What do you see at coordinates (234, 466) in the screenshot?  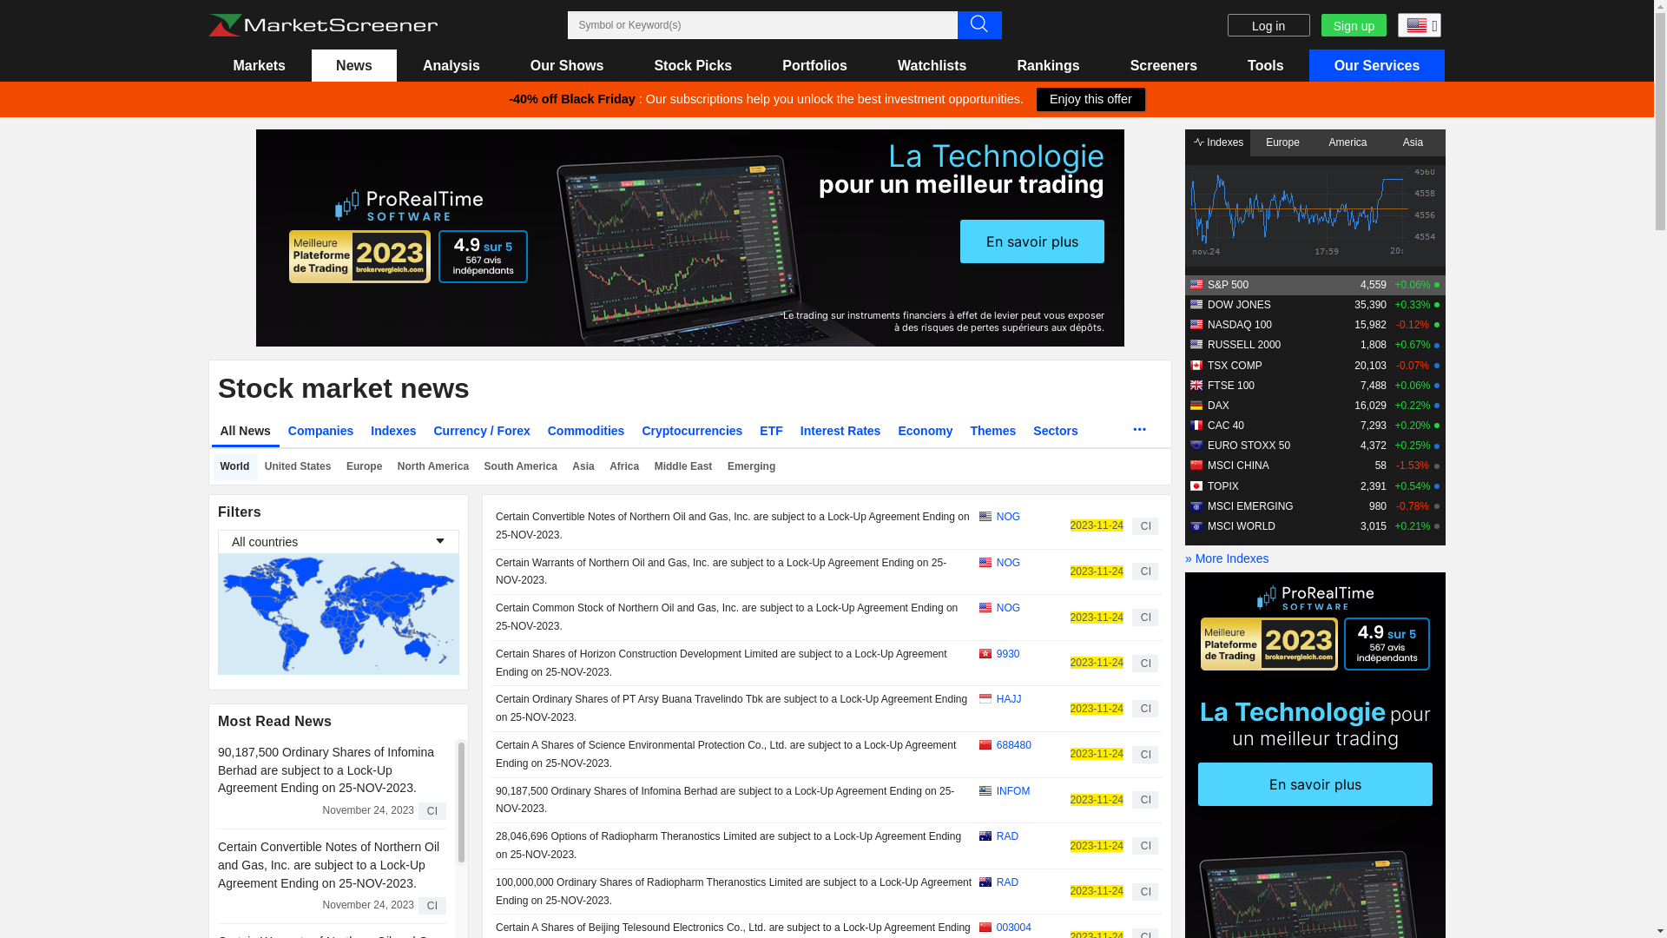 I see `'World'` at bounding box center [234, 466].